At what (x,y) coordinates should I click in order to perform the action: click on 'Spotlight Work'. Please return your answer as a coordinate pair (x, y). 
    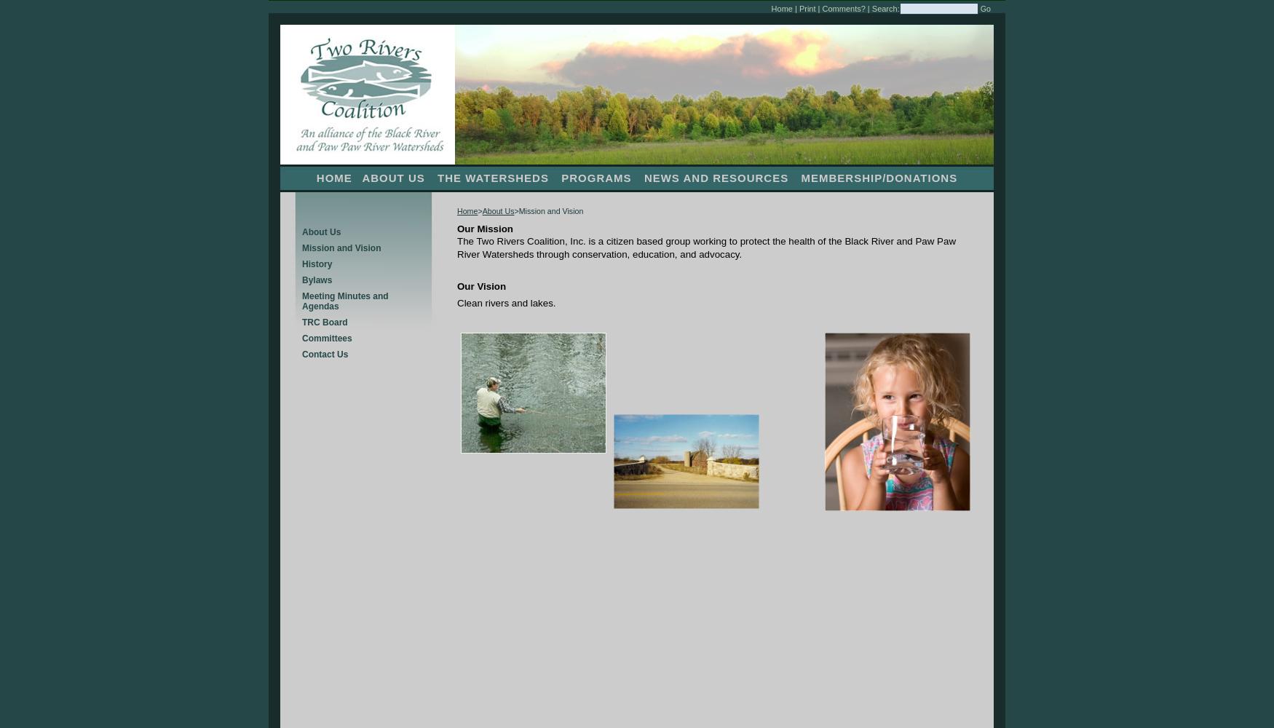
    Looking at the image, I should click on (31, 25).